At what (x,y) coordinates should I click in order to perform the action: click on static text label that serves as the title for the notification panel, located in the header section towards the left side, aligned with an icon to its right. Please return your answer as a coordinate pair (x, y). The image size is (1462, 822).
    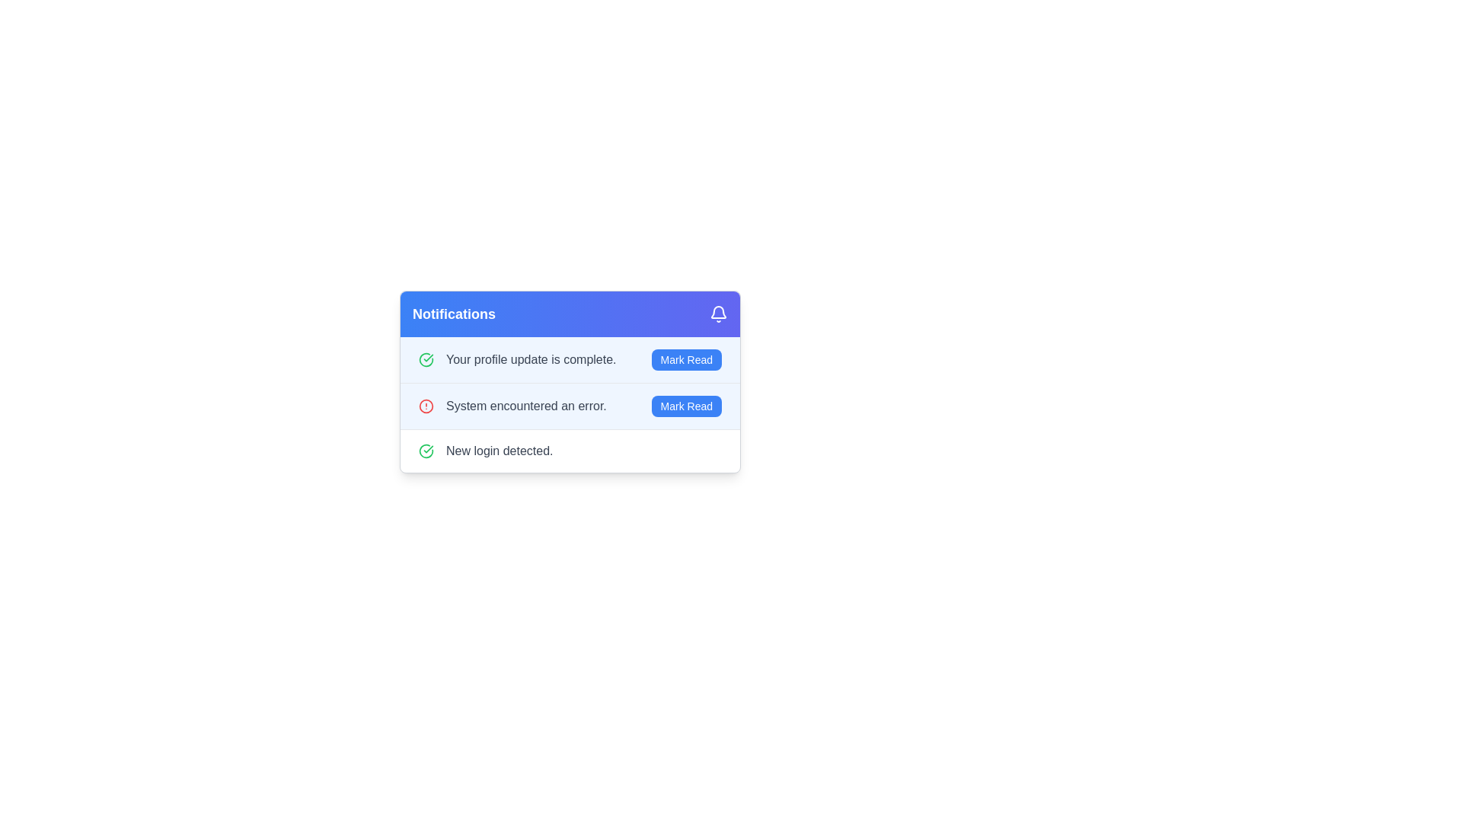
    Looking at the image, I should click on (453, 313).